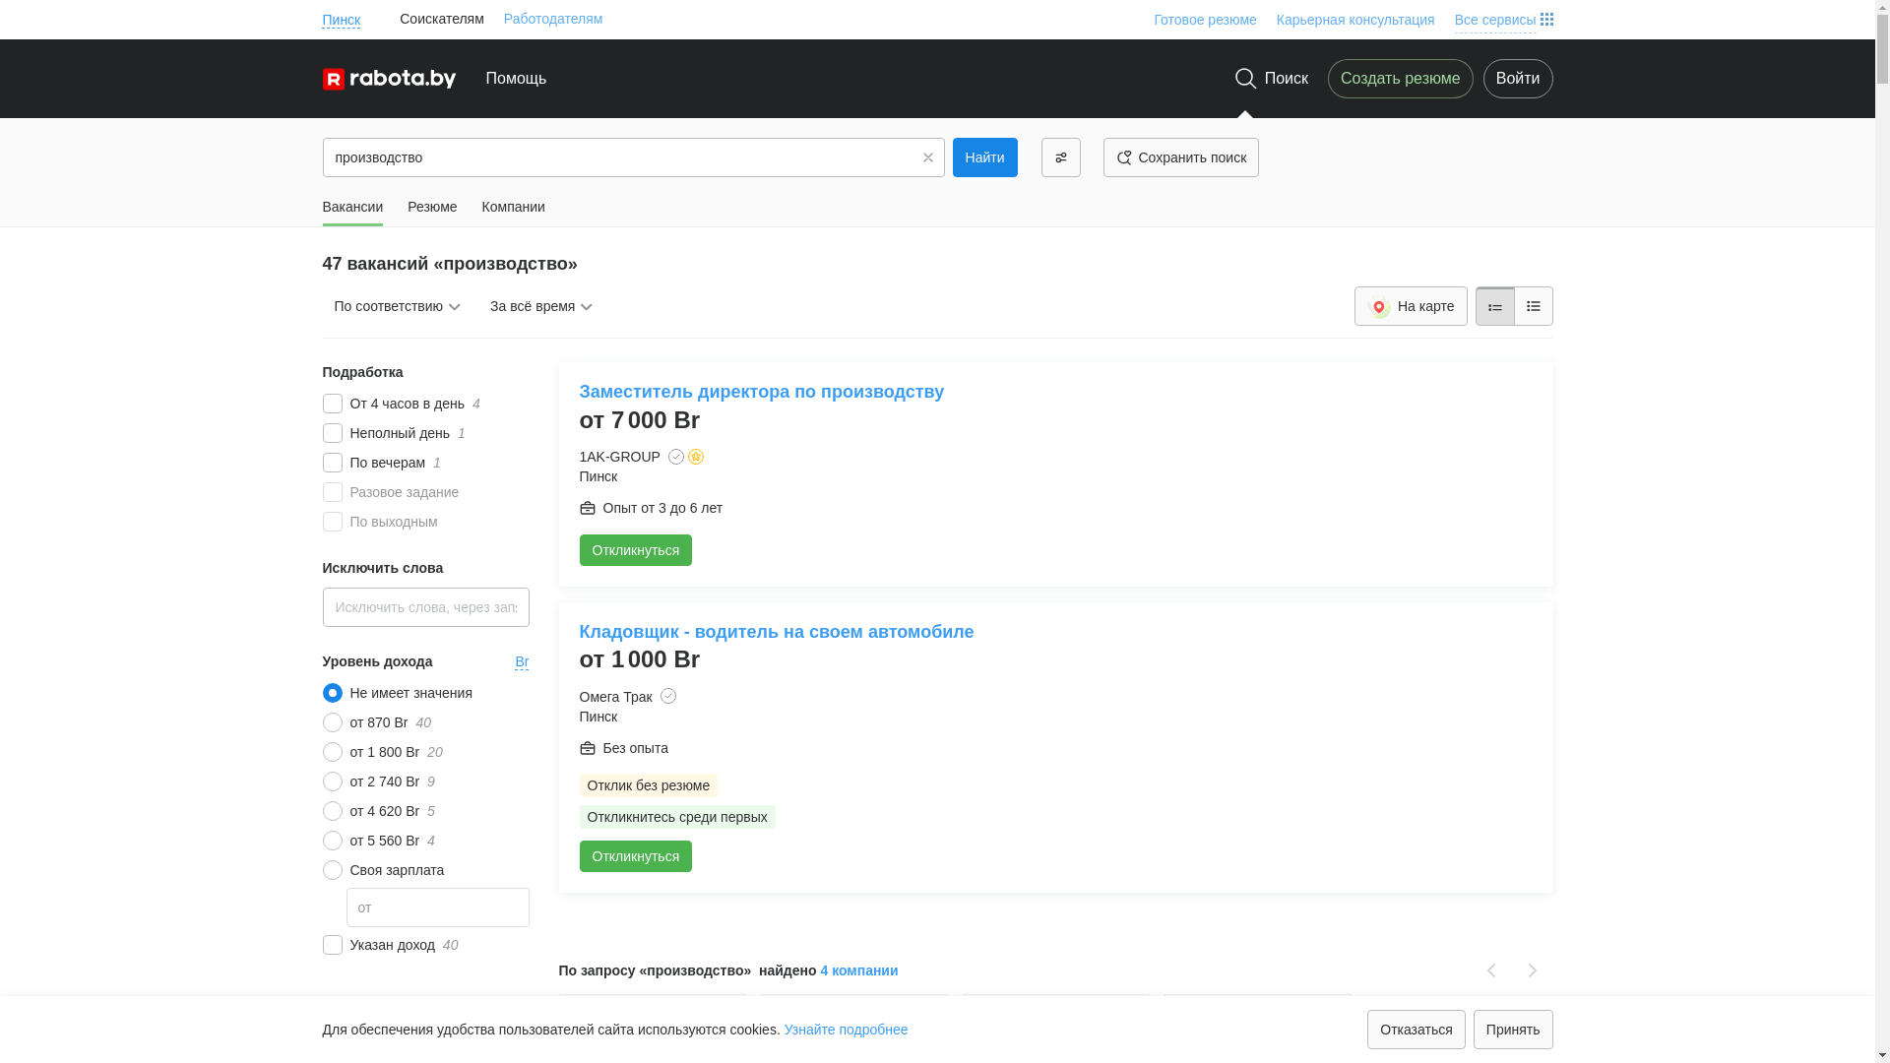  What do you see at coordinates (617, 456) in the screenshot?
I see `'1AK-GROUP'` at bounding box center [617, 456].